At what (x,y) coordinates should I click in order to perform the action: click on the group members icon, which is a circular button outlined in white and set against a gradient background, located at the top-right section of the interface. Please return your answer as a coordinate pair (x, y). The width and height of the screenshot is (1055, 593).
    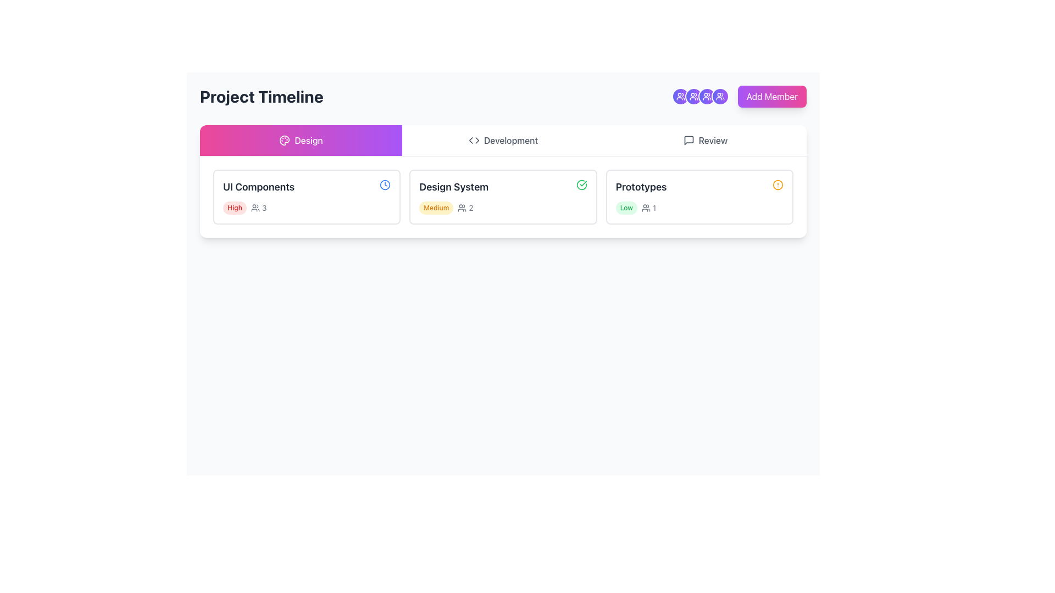
    Looking at the image, I should click on (707, 96).